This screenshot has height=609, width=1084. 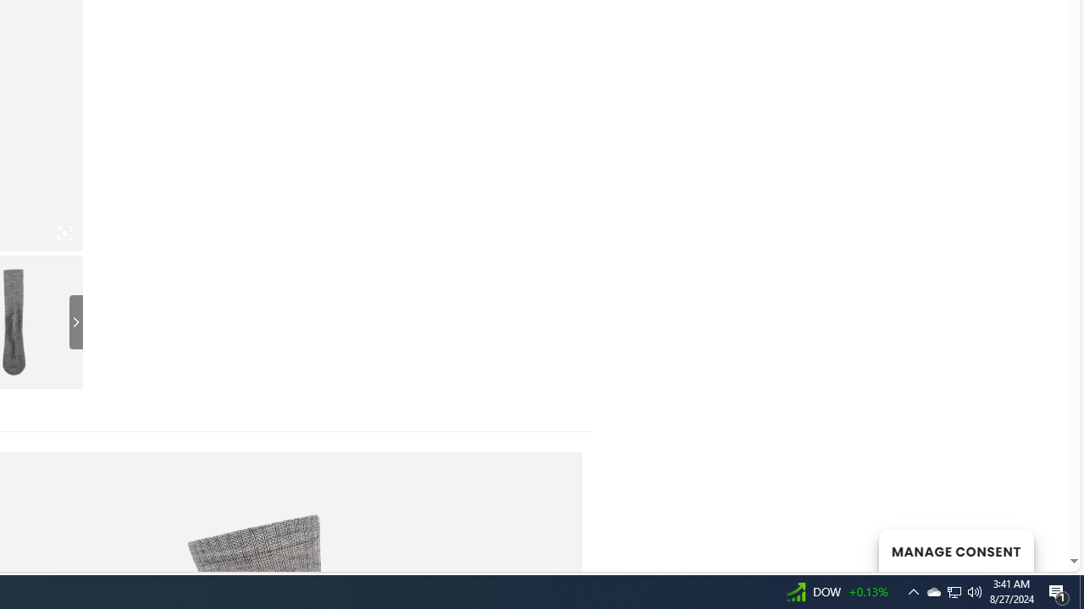 What do you see at coordinates (955, 550) in the screenshot?
I see `'MANAGE CONSENT'` at bounding box center [955, 550].